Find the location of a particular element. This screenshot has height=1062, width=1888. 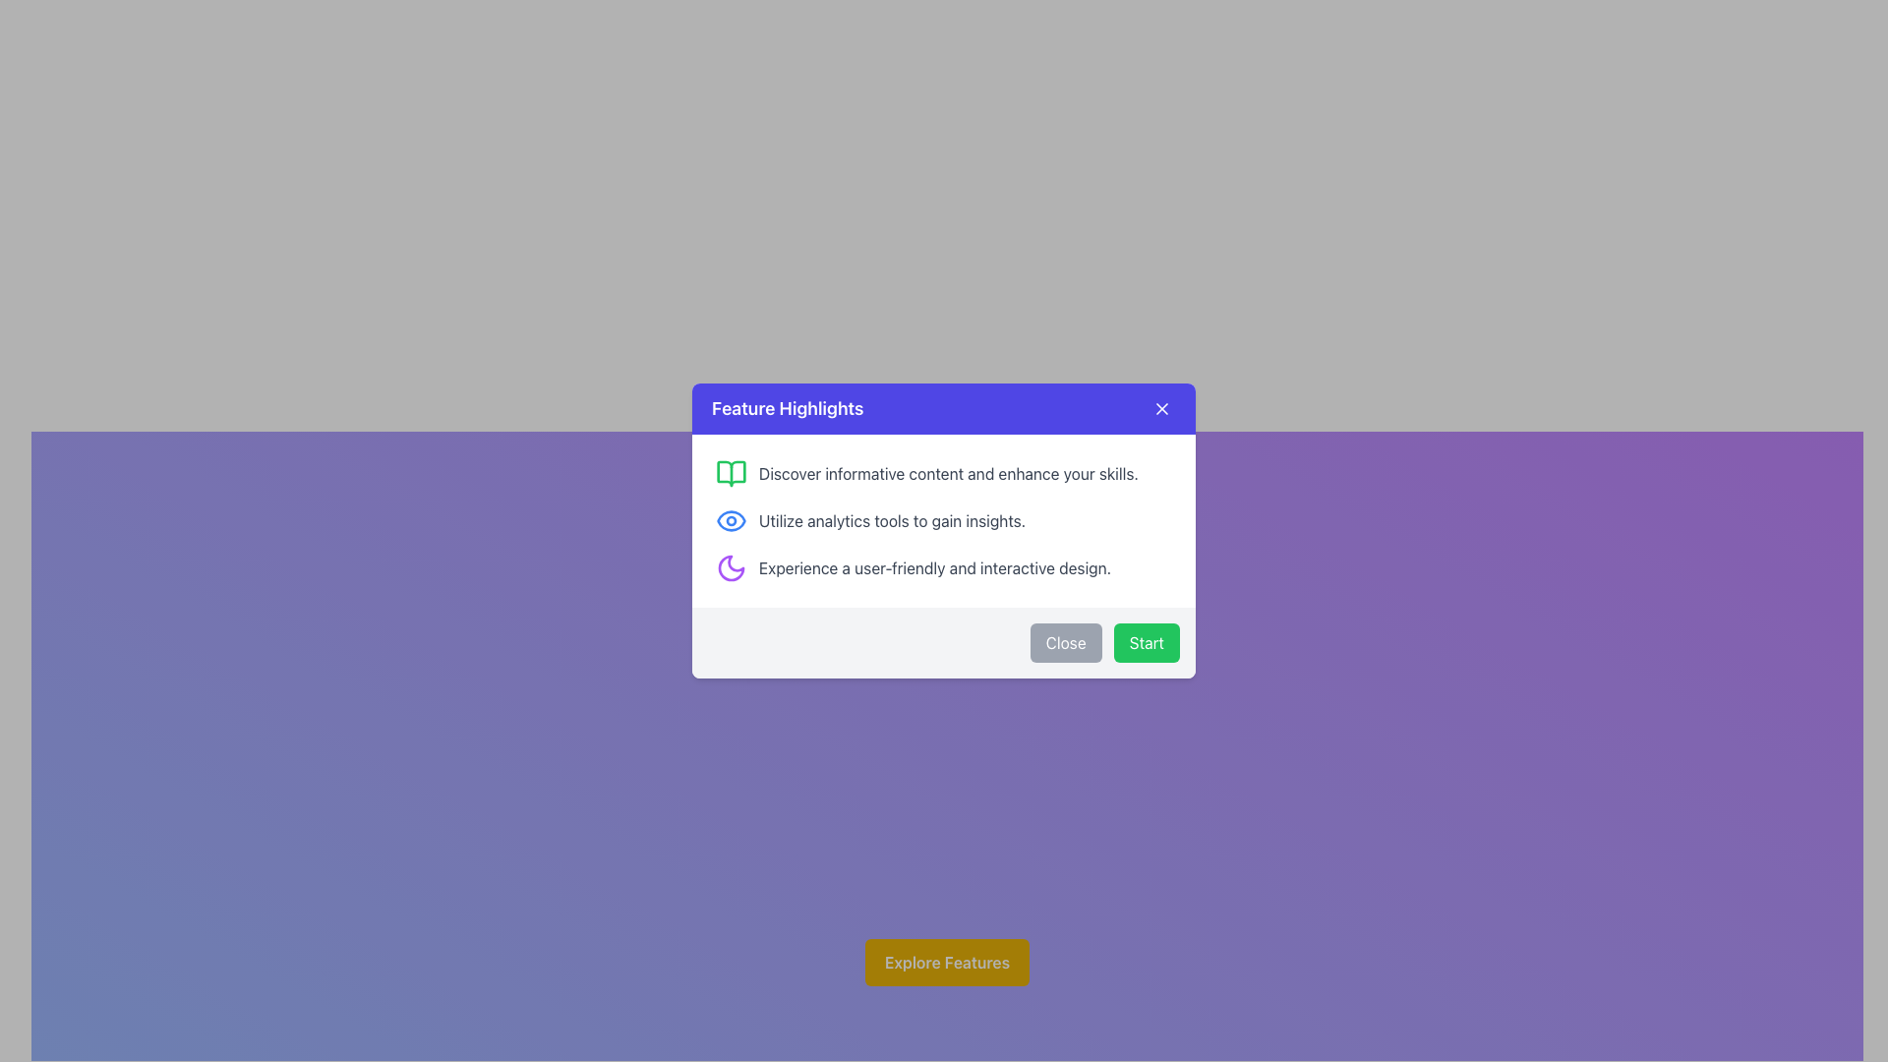

the purple crescent moon-shaped icon located at the bottom of the list is located at coordinates (731, 568).